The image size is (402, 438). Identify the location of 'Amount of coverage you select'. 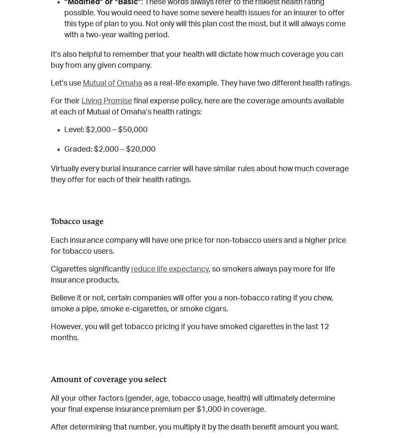
(108, 379).